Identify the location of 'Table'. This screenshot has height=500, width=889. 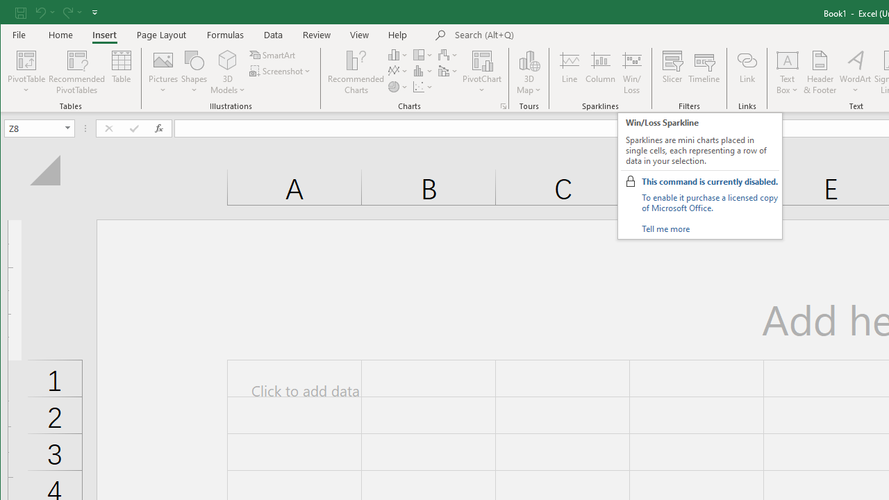
(121, 72).